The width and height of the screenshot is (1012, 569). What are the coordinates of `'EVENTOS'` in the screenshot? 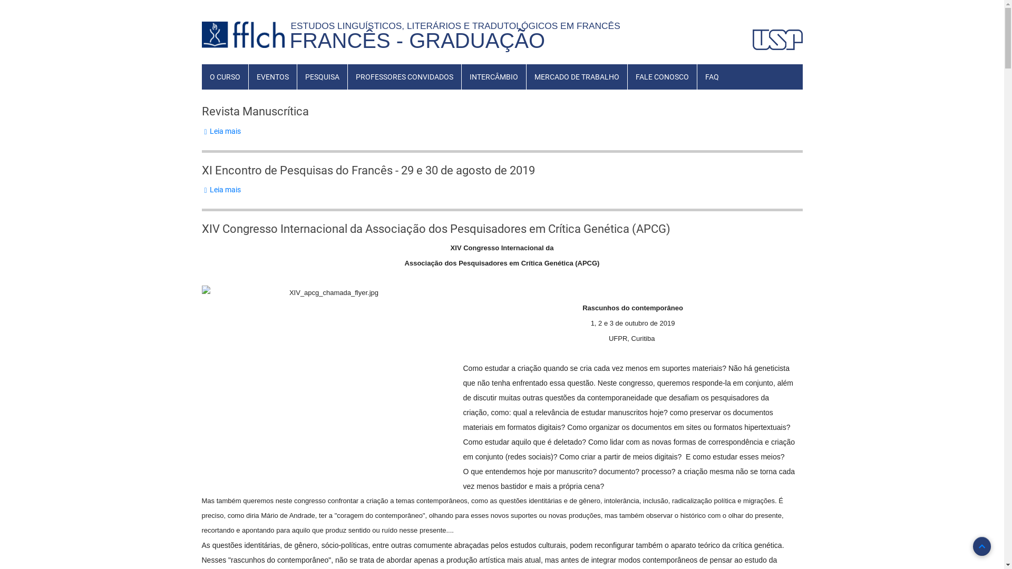 It's located at (273, 76).